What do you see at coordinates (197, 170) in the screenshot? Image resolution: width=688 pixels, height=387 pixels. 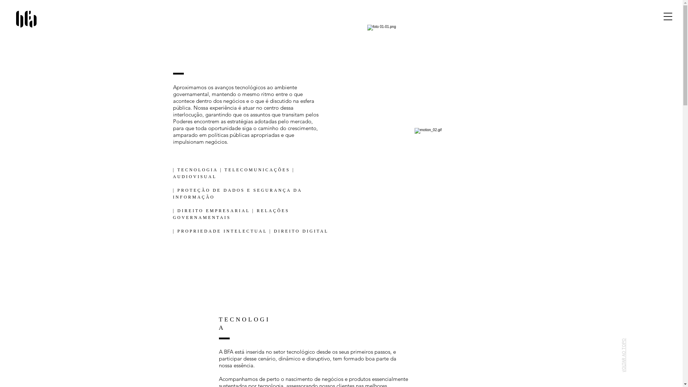 I see `'TECNOLOGIA'` at bounding box center [197, 170].